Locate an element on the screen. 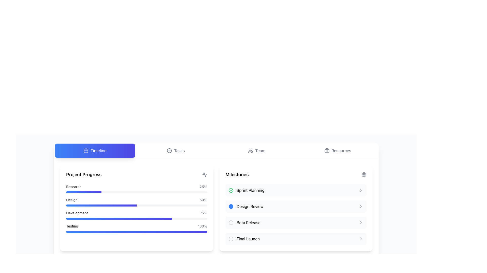 The height and width of the screenshot is (273, 487). the 'Team' tab in the Navigation Tab, which is the third option in a group of four tabs, positioned between 'Tasks' and 'Resources' is located at coordinates (257, 150).